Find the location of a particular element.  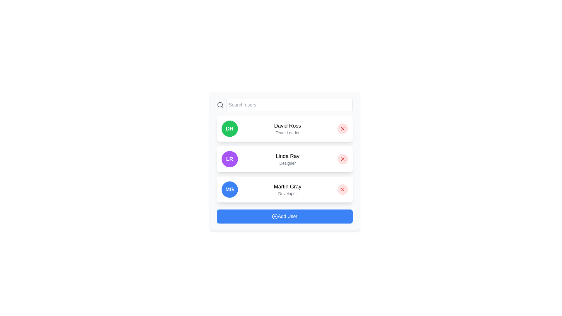

the green circular Profile Initial Badge displaying 'DR', located at the leftmost position of the user information card is located at coordinates (229, 128).